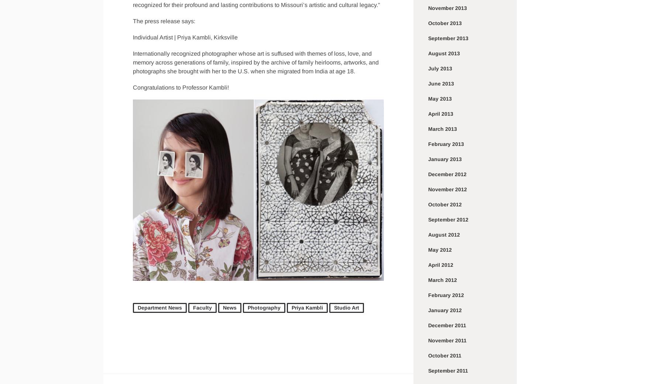  What do you see at coordinates (447, 325) in the screenshot?
I see `'December 2011'` at bounding box center [447, 325].